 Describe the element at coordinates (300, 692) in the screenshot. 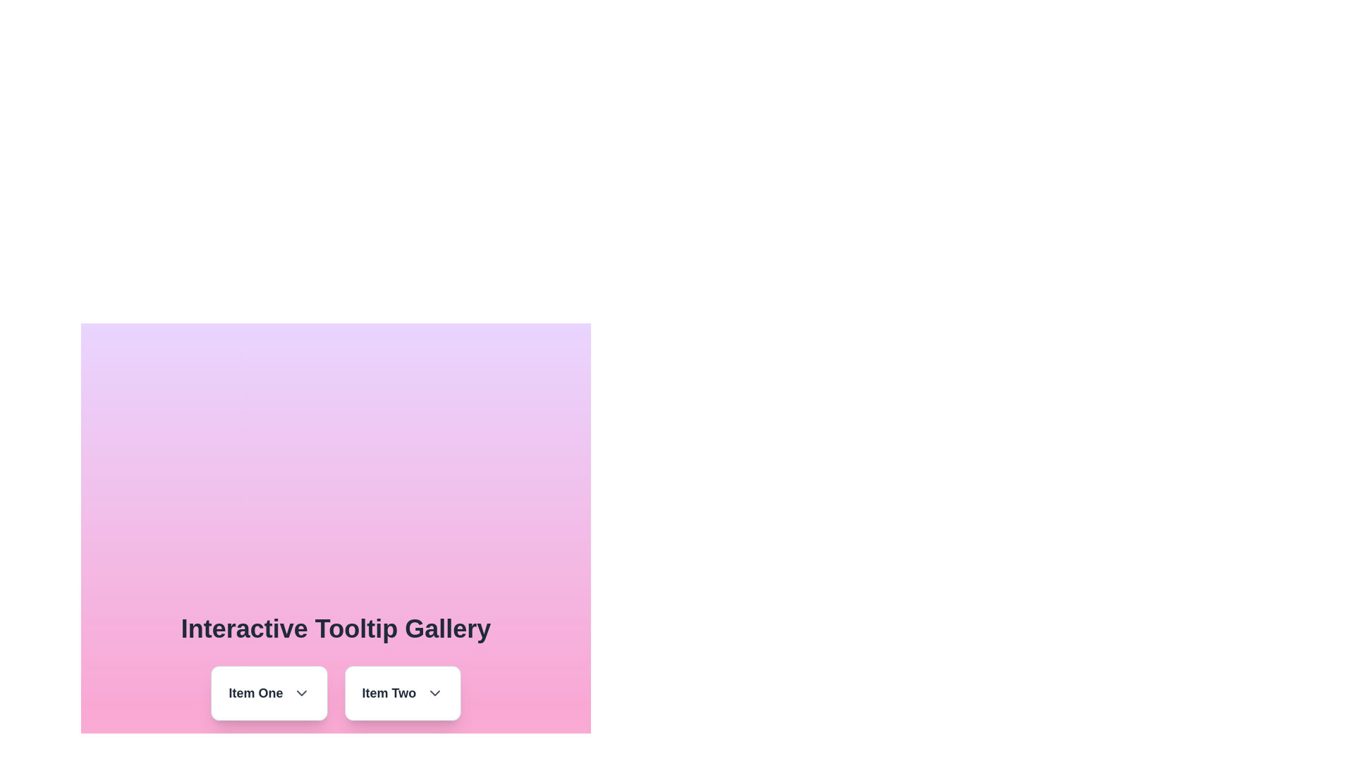

I see `the interactive icon located to the right of the 'Item One' text within the button group` at that location.